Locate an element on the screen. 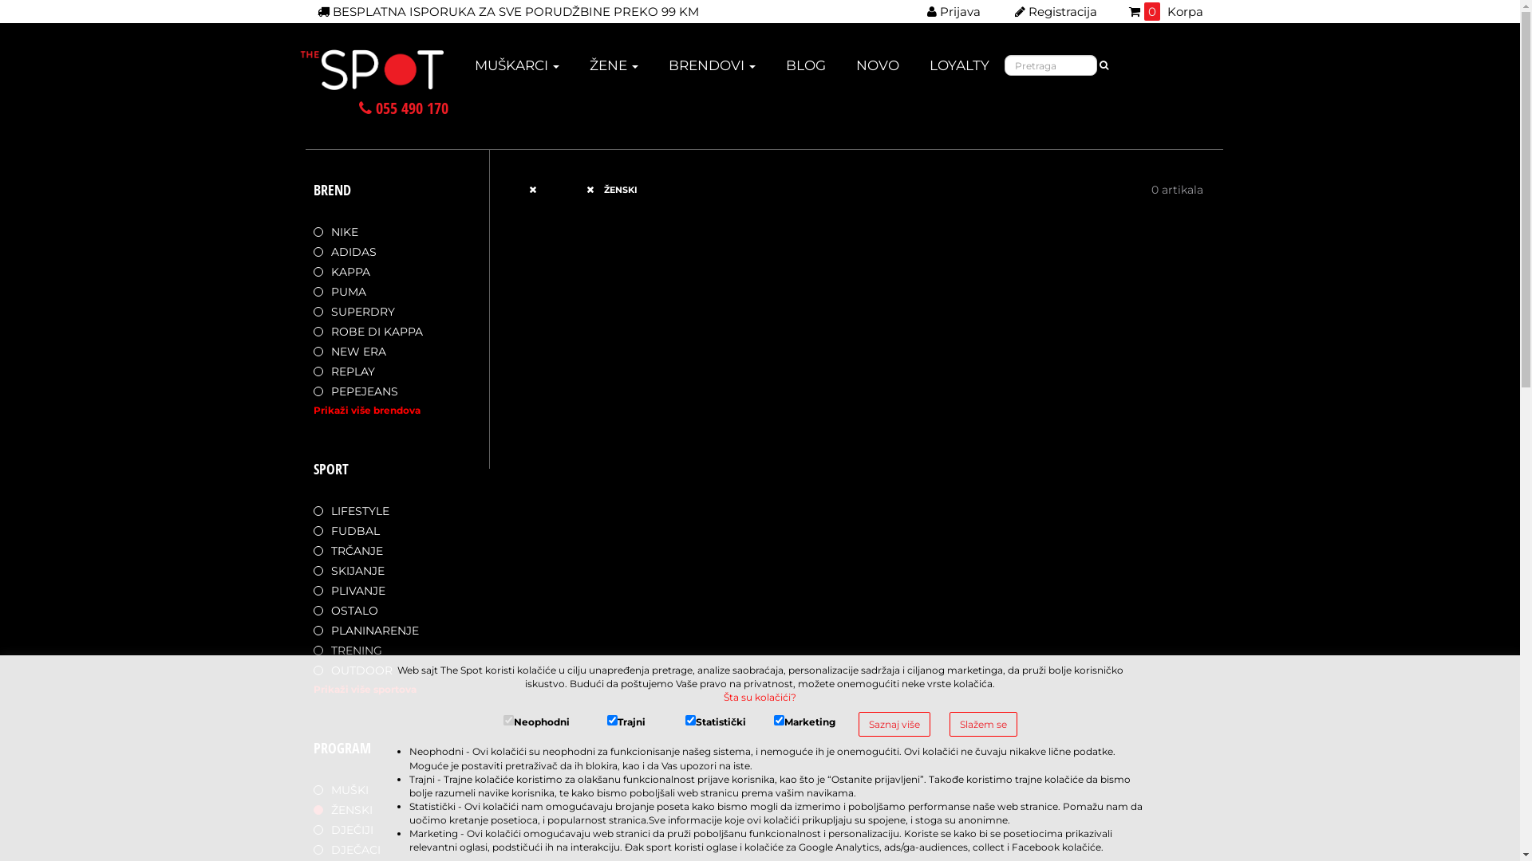  'Registracija' is located at coordinates (1056, 11).